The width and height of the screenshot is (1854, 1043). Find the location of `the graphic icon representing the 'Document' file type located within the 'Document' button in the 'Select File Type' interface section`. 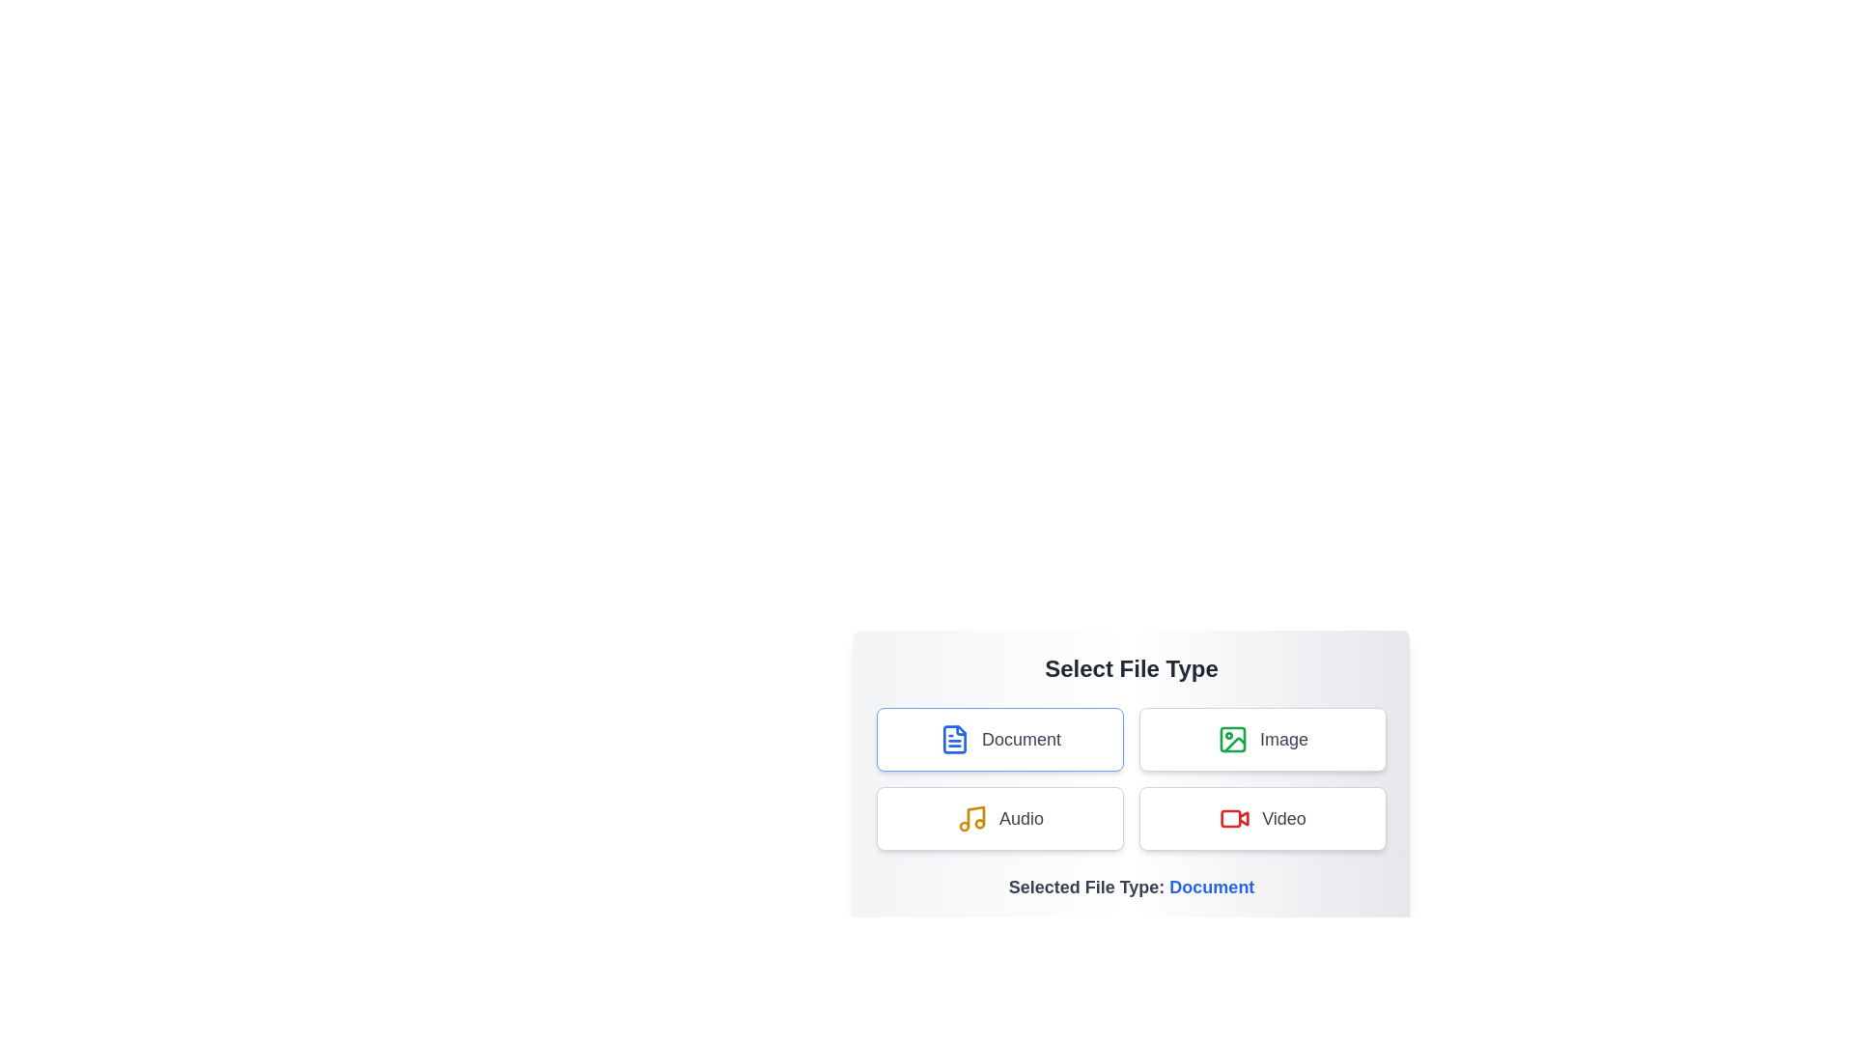

the graphic icon representing the 'Document' file type located within the 'Document' button in the 'Select File Type' interface section is located at coordinates (954, 739).